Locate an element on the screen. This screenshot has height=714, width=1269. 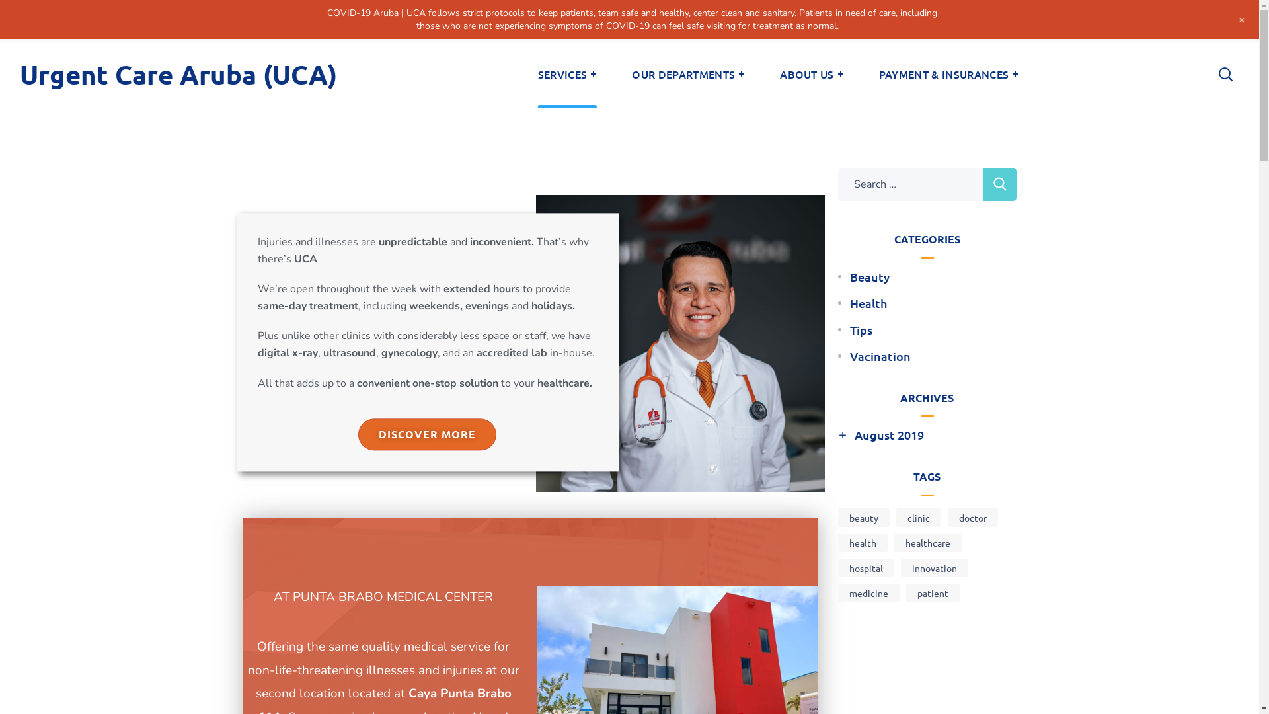
'Health' is located at coordinates (868, 303).